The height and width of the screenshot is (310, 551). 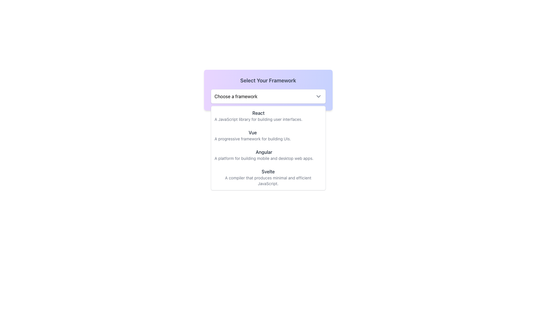 What do you see at coordinates (258, 113) in the screenshot?
I see `the area surrounding the 'React' label, which is the first item in the 'Select Your Framework' dropdown menu` at bounding box center [258, 113].